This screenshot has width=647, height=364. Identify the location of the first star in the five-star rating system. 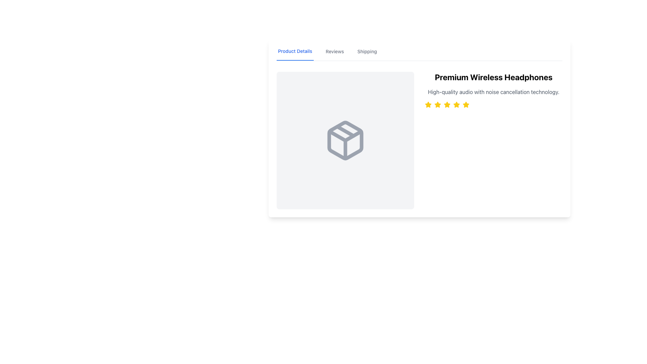
(428, 104).